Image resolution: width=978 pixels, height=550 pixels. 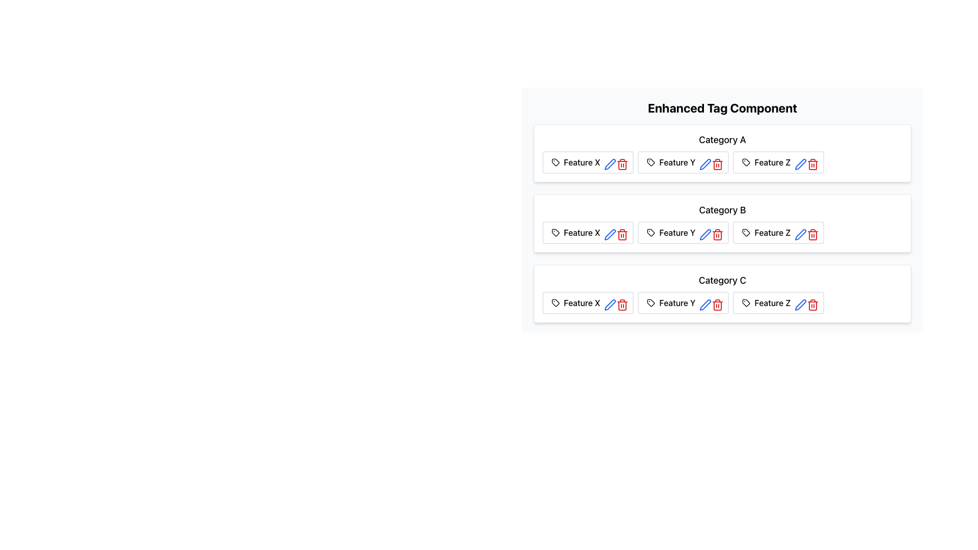 I want to click on to select the Badge labeled 'Feature X' with associated edit and delete icons, located under the header 'Category A.', so click(x=587, y=162).